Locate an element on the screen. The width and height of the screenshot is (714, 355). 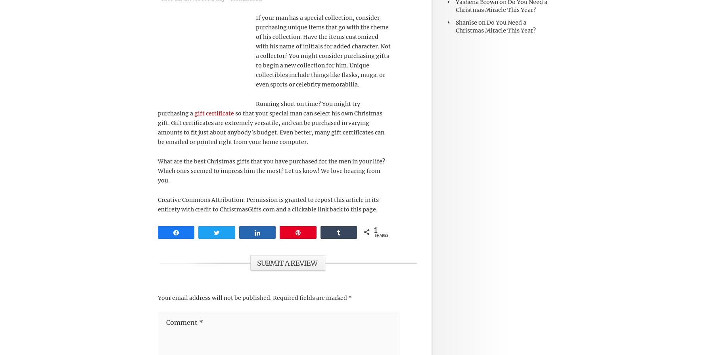
'What are the best Christmas gifts that you have purchased for the men in your life? Which ones seemed to impress him the most? Let us know! We love hearing from you.' is located at coordinates (271, 170).